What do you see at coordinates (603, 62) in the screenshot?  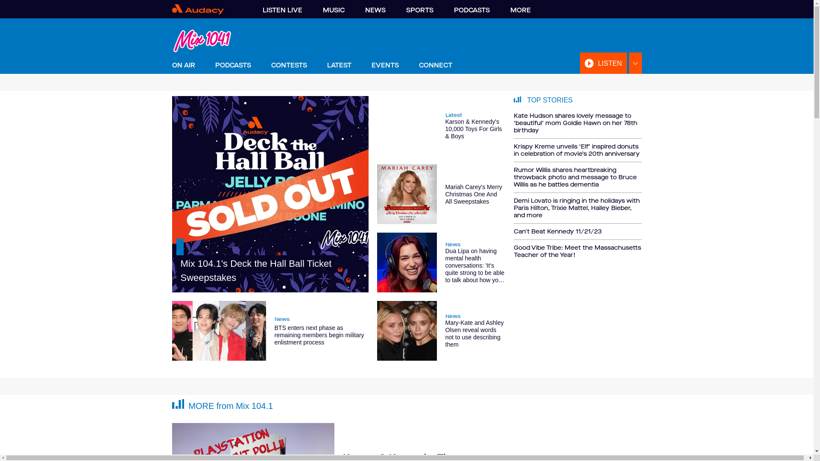 I see `'LISTEN'` at bounding box center [603, 62].